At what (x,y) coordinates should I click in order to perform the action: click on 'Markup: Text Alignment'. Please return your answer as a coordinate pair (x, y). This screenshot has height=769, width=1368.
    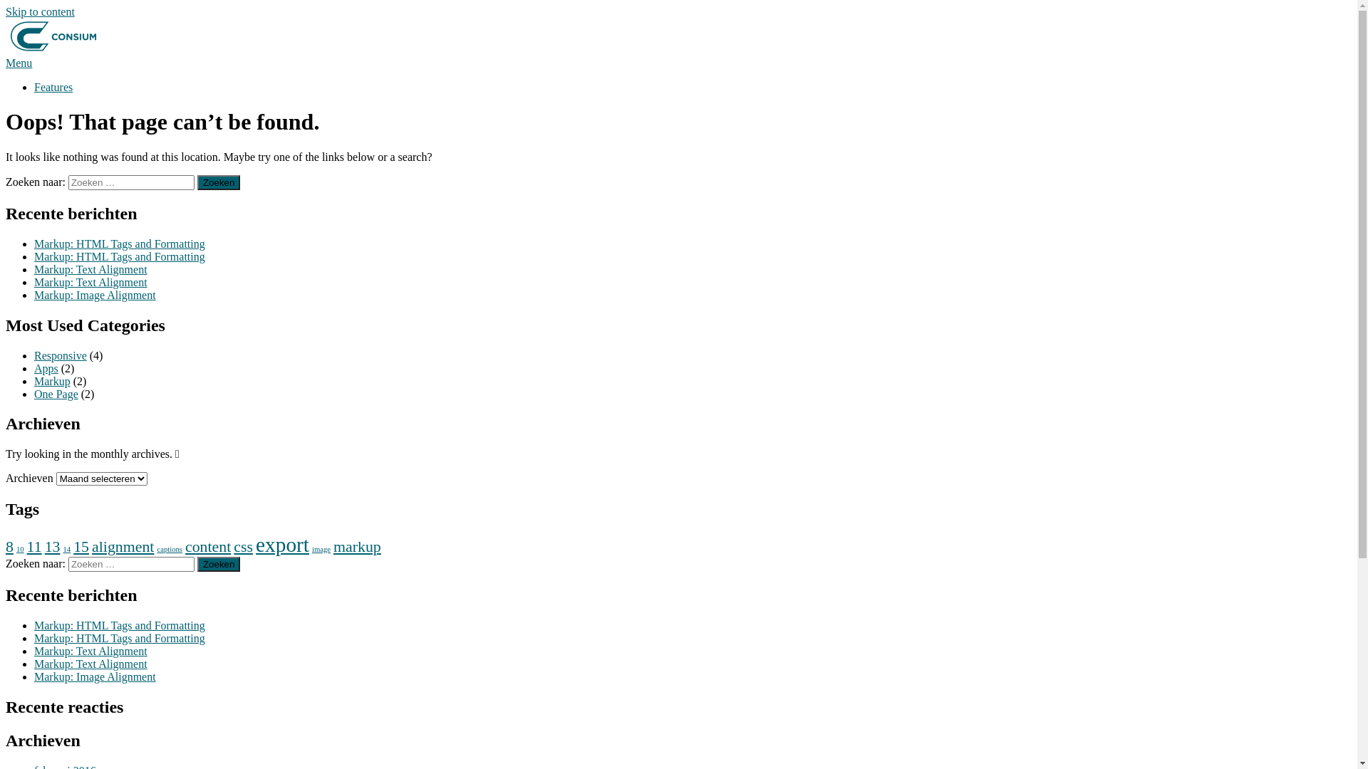
    Looking at the image, I should click on (34, 269).